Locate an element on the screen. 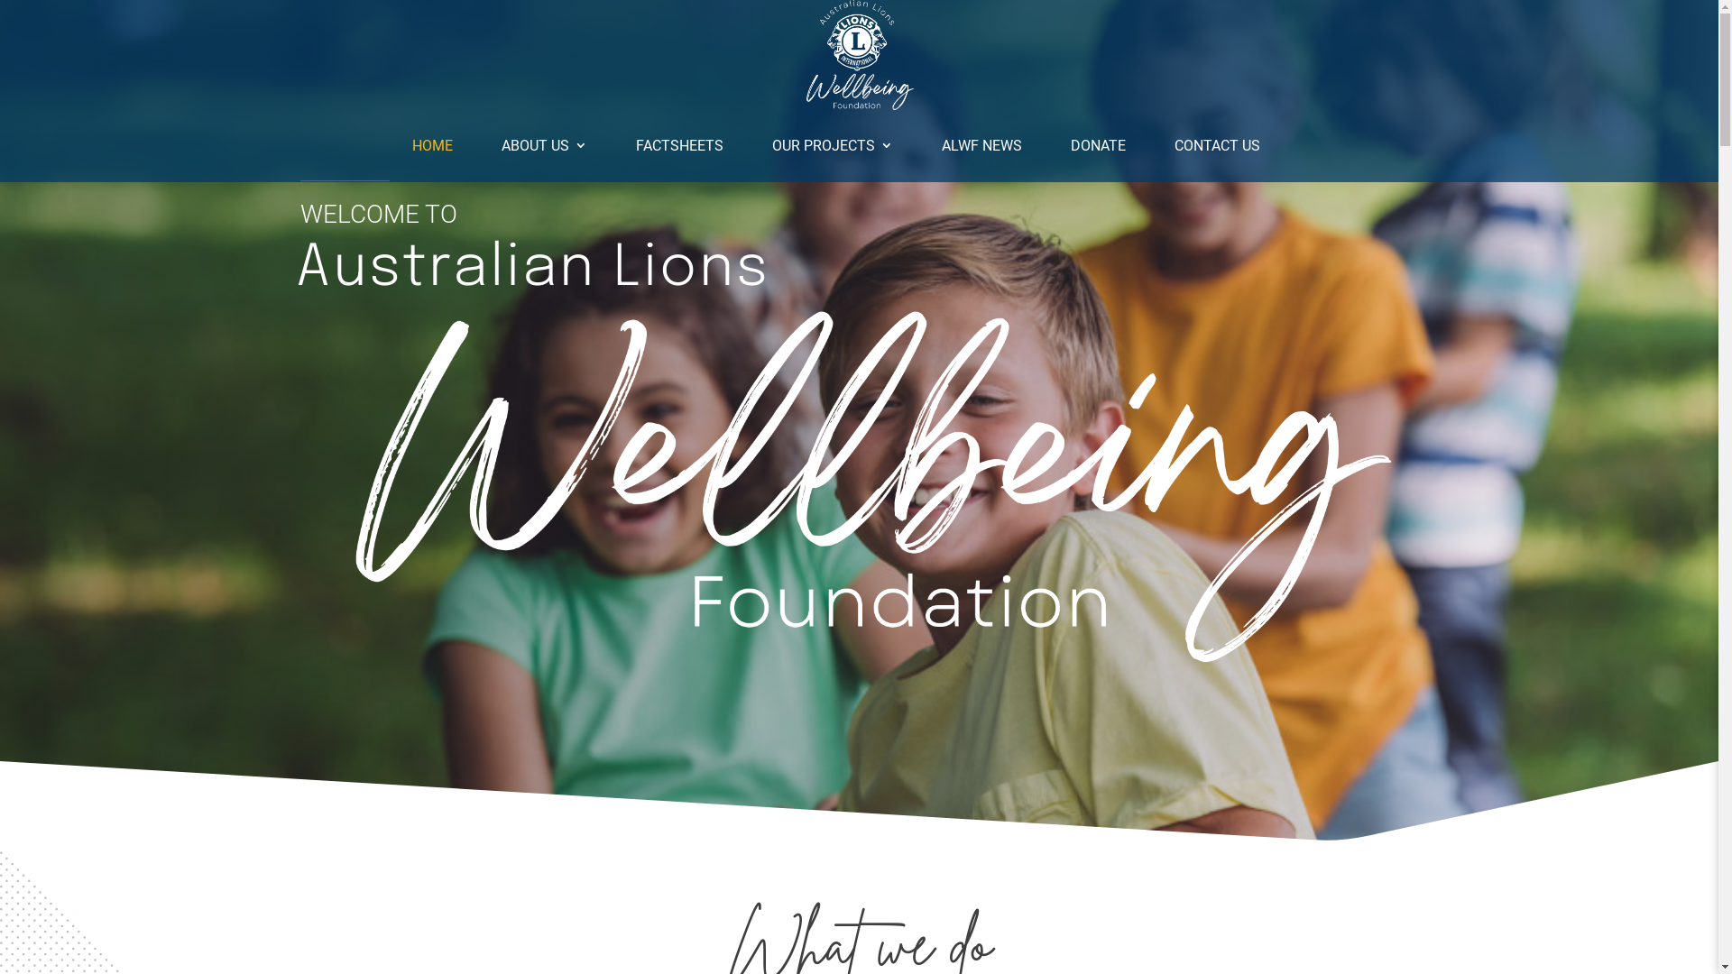 The width and height of the screenshot is (1732, 974). 'OUR PROJECTS' is located at coordinates (831, 145).